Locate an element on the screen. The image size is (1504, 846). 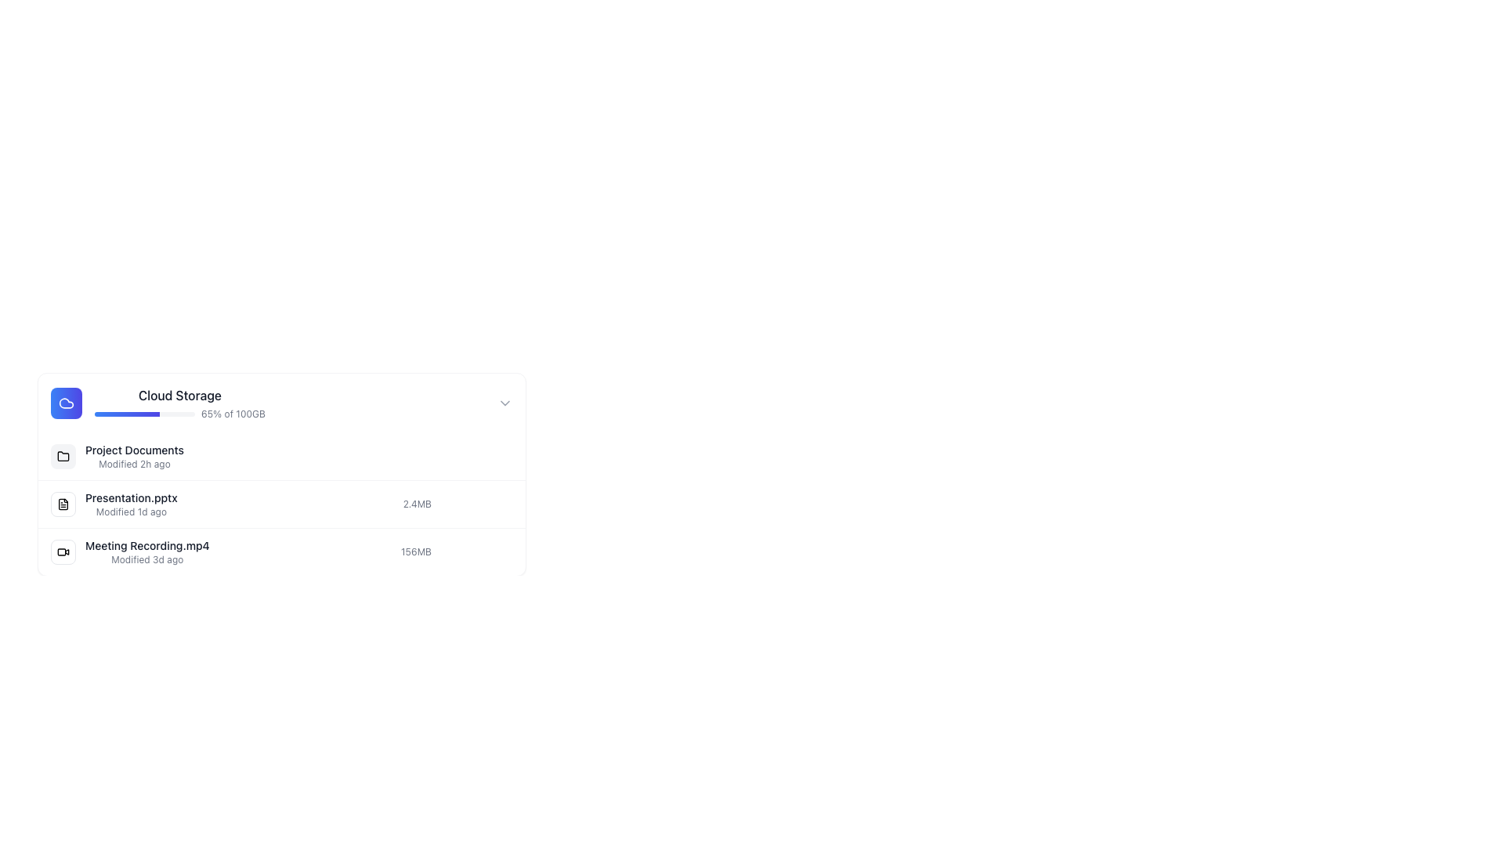
the file entry for 'Meeting Recording.mp4' is located at coordinates (282, 551).